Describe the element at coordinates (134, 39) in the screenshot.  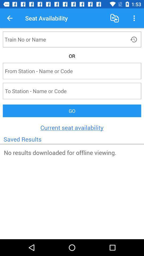
I see `the icon above or` at that location.